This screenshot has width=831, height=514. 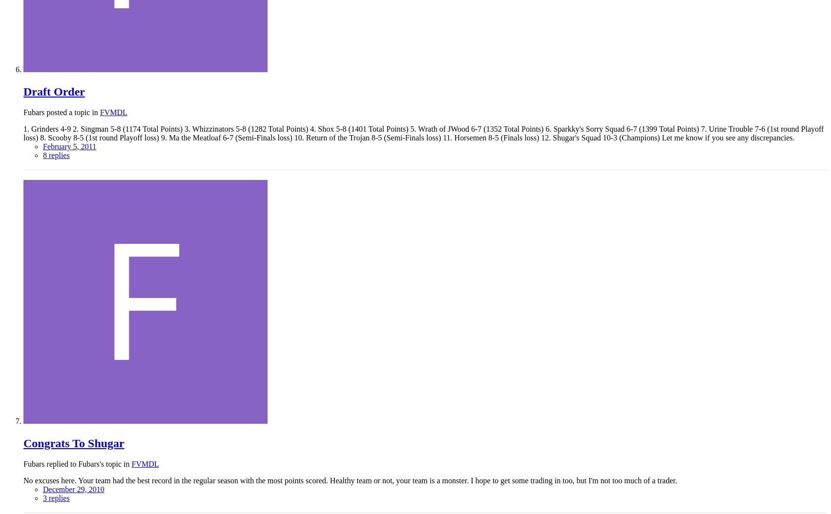 I want to click on '3 replies', so click(x=56, y=497).